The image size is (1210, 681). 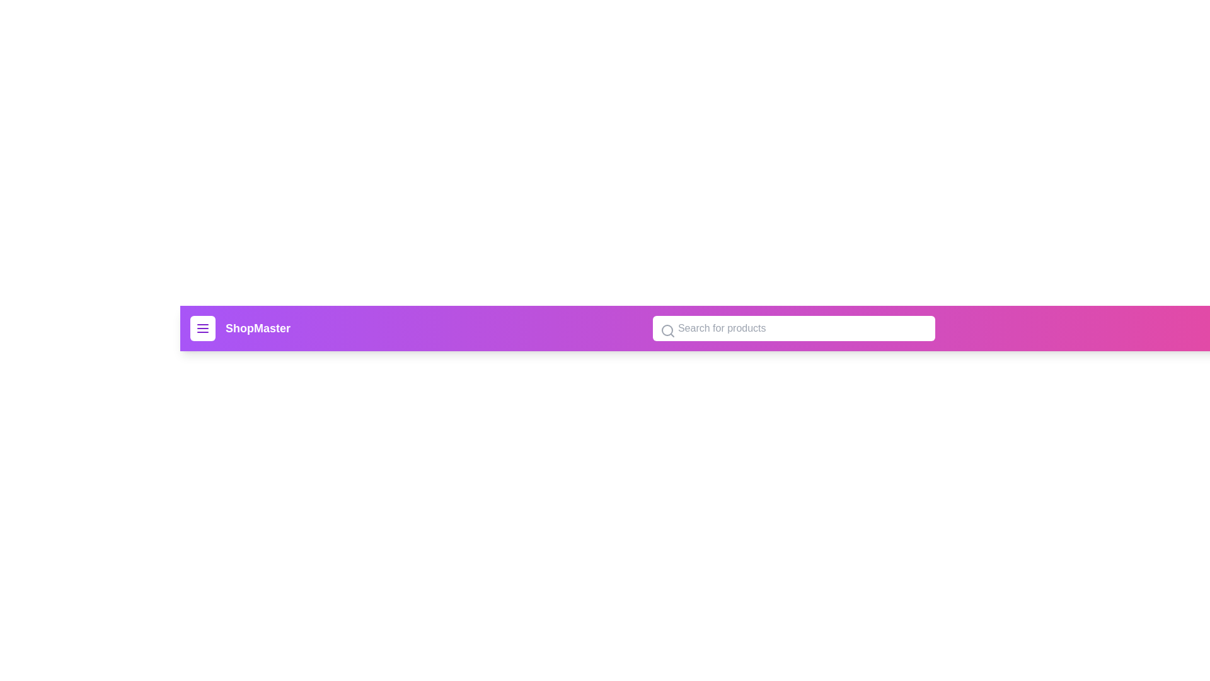 I want to click on the search icon within the input field, so click(x=667, y=330).